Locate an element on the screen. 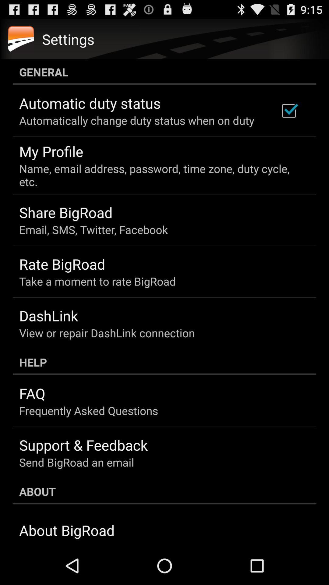 Image resolution: width=329 pixels, height=585 pixels. icon above the dashlink is located at coordinates (97, 281).